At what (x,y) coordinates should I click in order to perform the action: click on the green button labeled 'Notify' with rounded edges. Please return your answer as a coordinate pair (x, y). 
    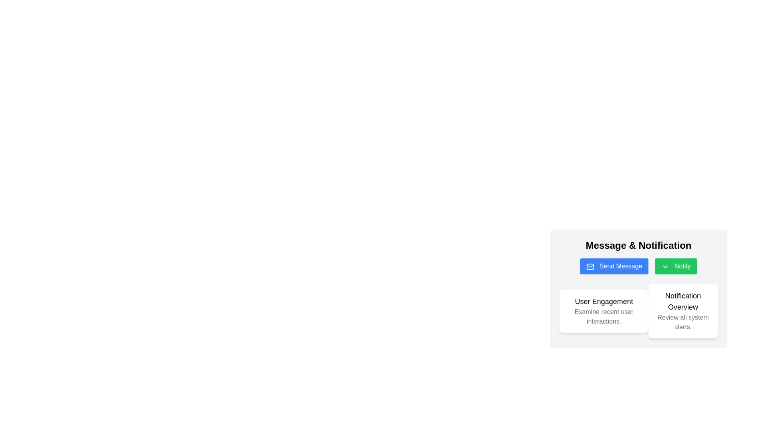
    Looking at the image, I should click on (676, 266).